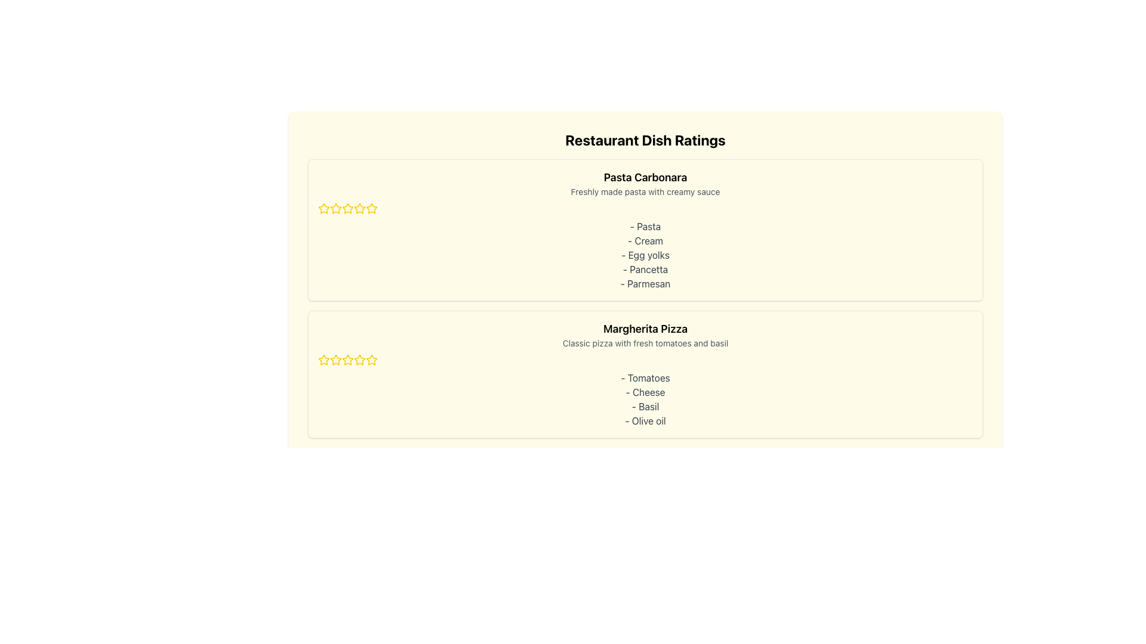 The width and height of the screenshot is (1146, 644). Describe the element at coordinates (645, 377) in the screenshot. I see `text label representing the first ingredient of the 'Margherita Pizza', which is visually located under the title 'Margherita Pizza'` at that location.